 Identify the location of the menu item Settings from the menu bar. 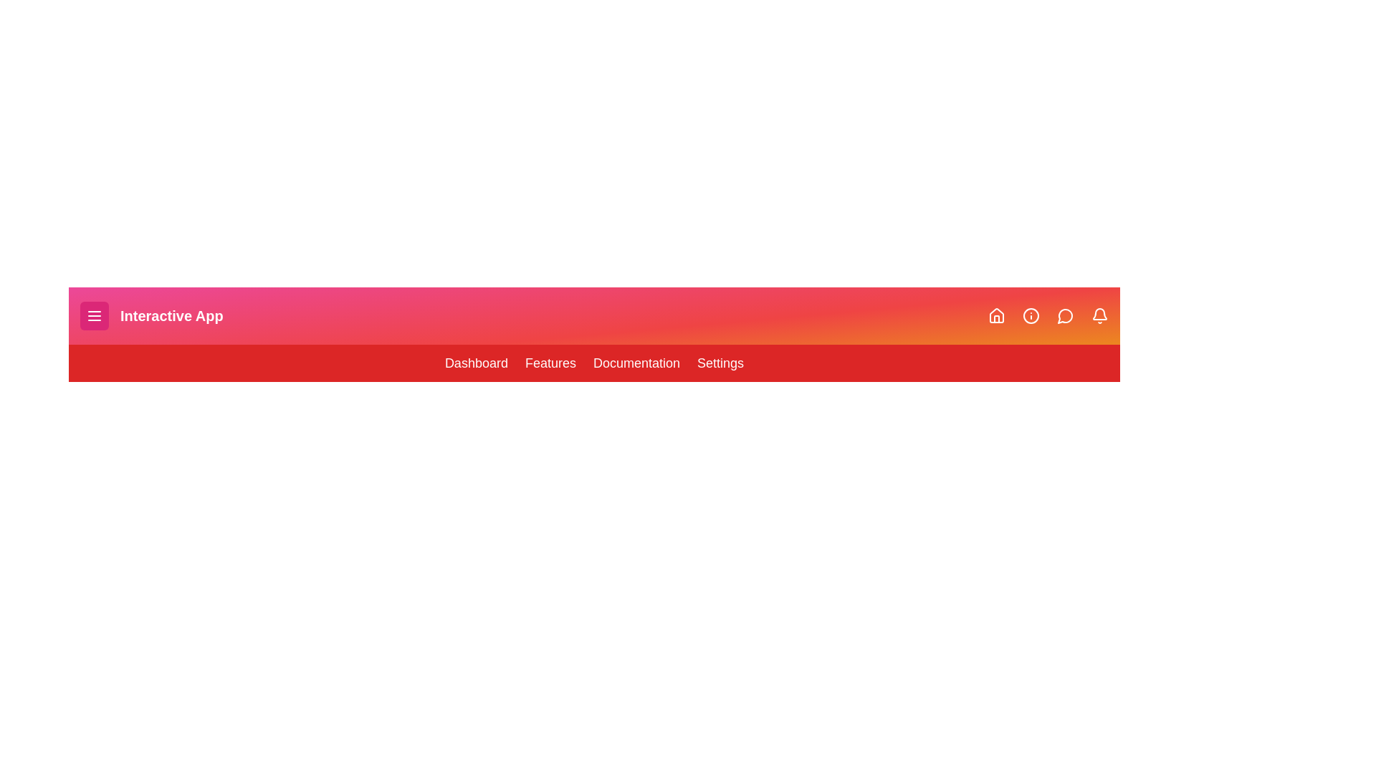
(720, 362).